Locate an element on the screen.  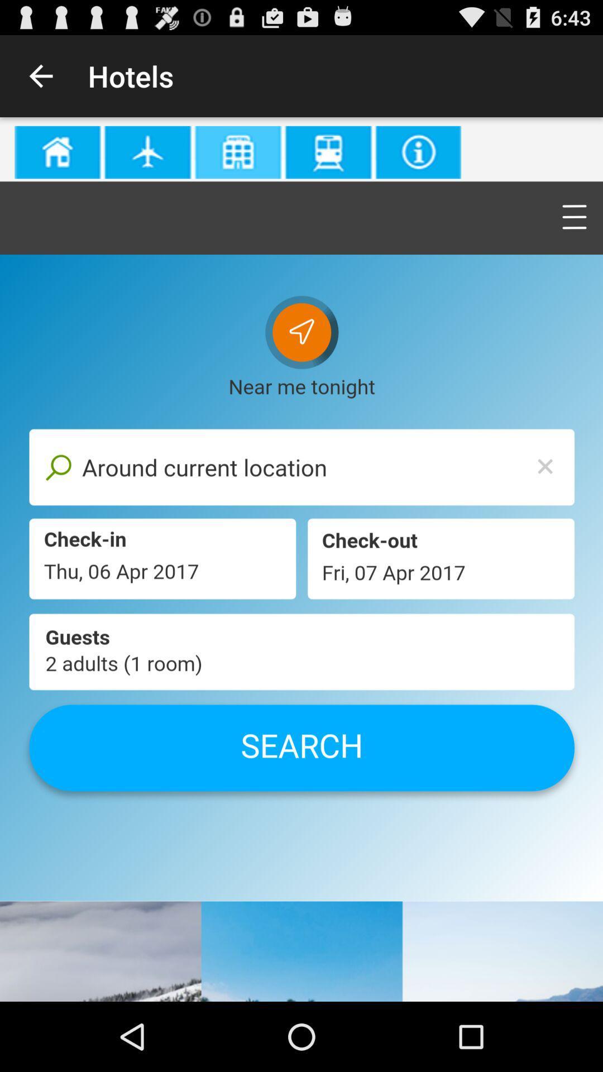
the all page is located at coordinates (301, 559).